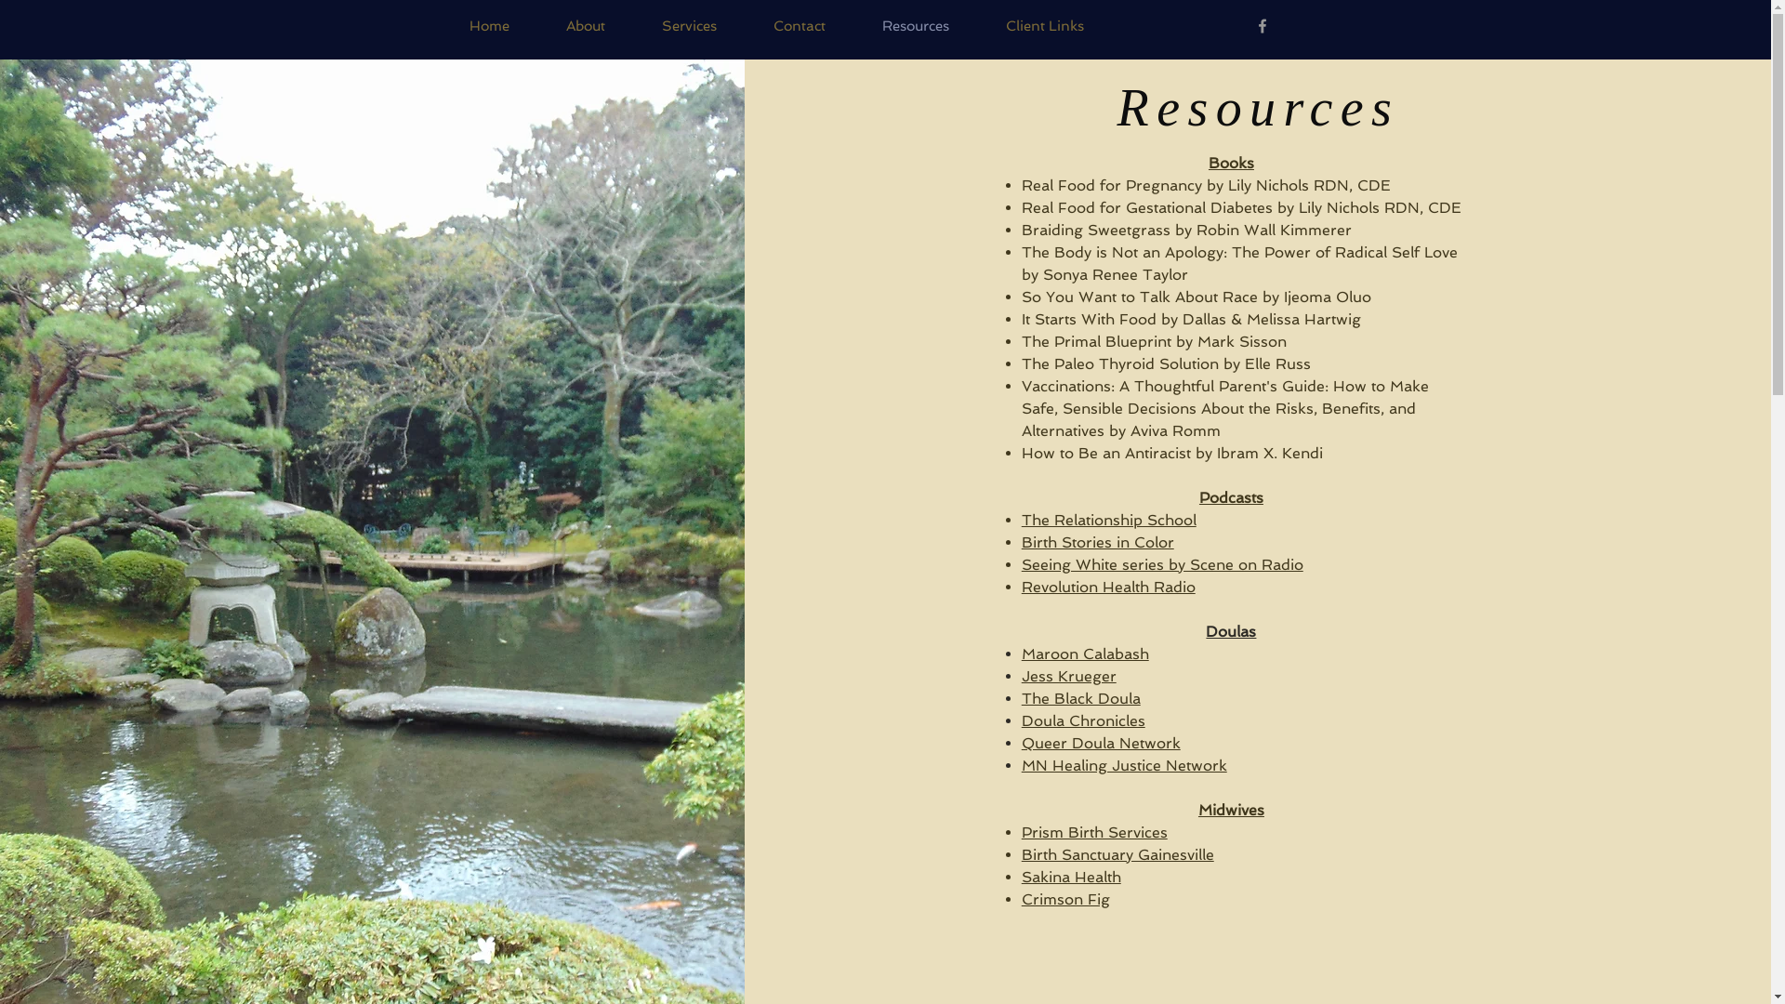  What do you see at coordinates (1109, 520) in the screenshot?
I see `'The Relationship School'` at bounding box center [1109, 520].